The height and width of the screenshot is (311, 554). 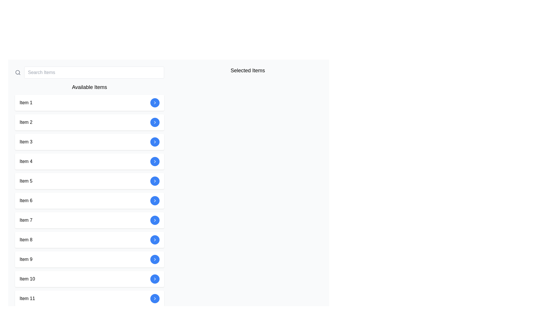 What do you see at coordinates (89, 181) in the screenshot?
I see `the selectable list item labeled 'Item 5'` at bounding box center [89, 181].